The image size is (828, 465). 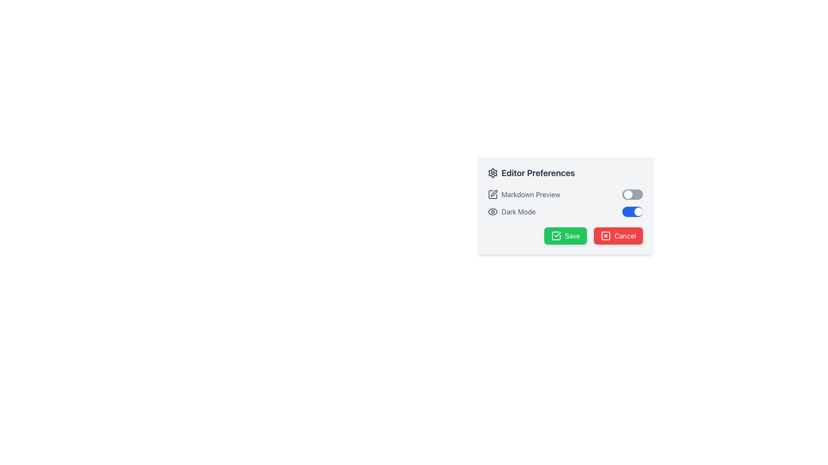 I want to click on the first button in the horizontal button group at the bottom of the 'Editor Preferences' panel, so click(x=565, y=236).